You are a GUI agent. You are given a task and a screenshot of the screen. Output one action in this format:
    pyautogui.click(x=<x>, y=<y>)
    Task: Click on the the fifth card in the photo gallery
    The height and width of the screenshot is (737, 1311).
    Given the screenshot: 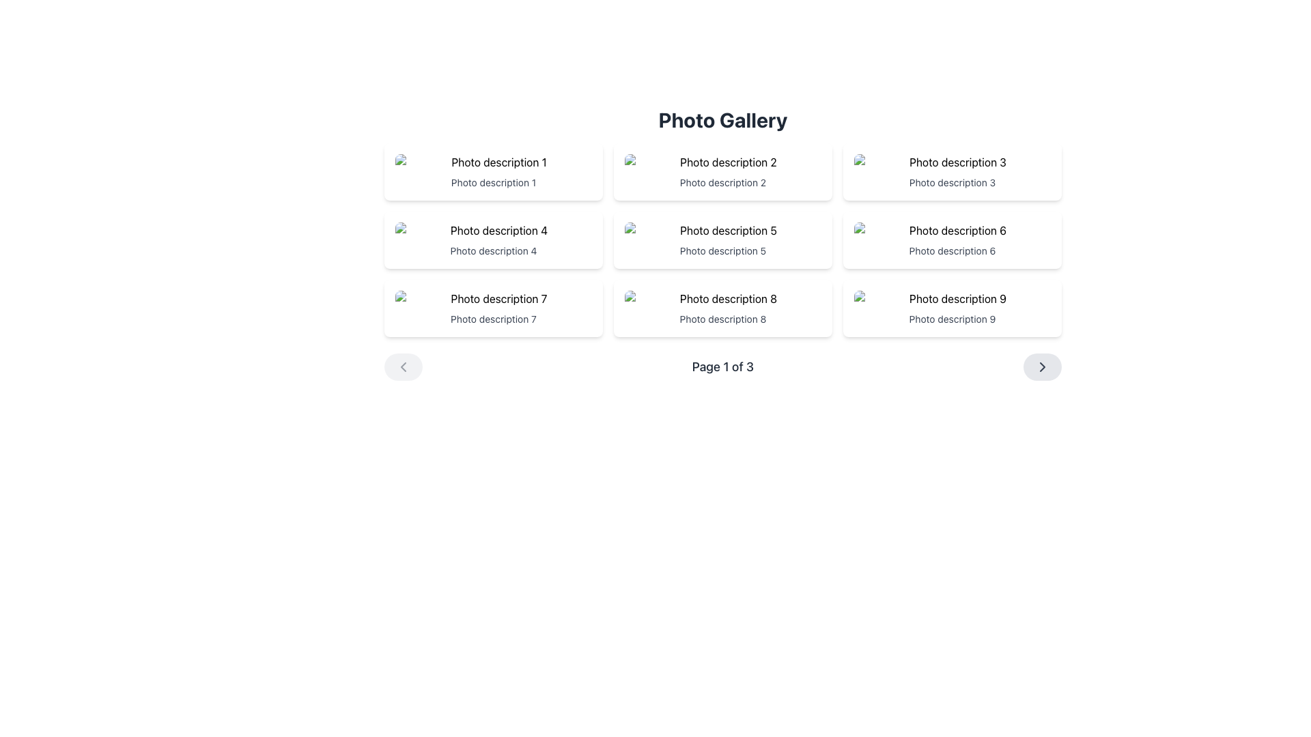 What is the action you would take?
    pyautogui.click(x=722, y=239)
    